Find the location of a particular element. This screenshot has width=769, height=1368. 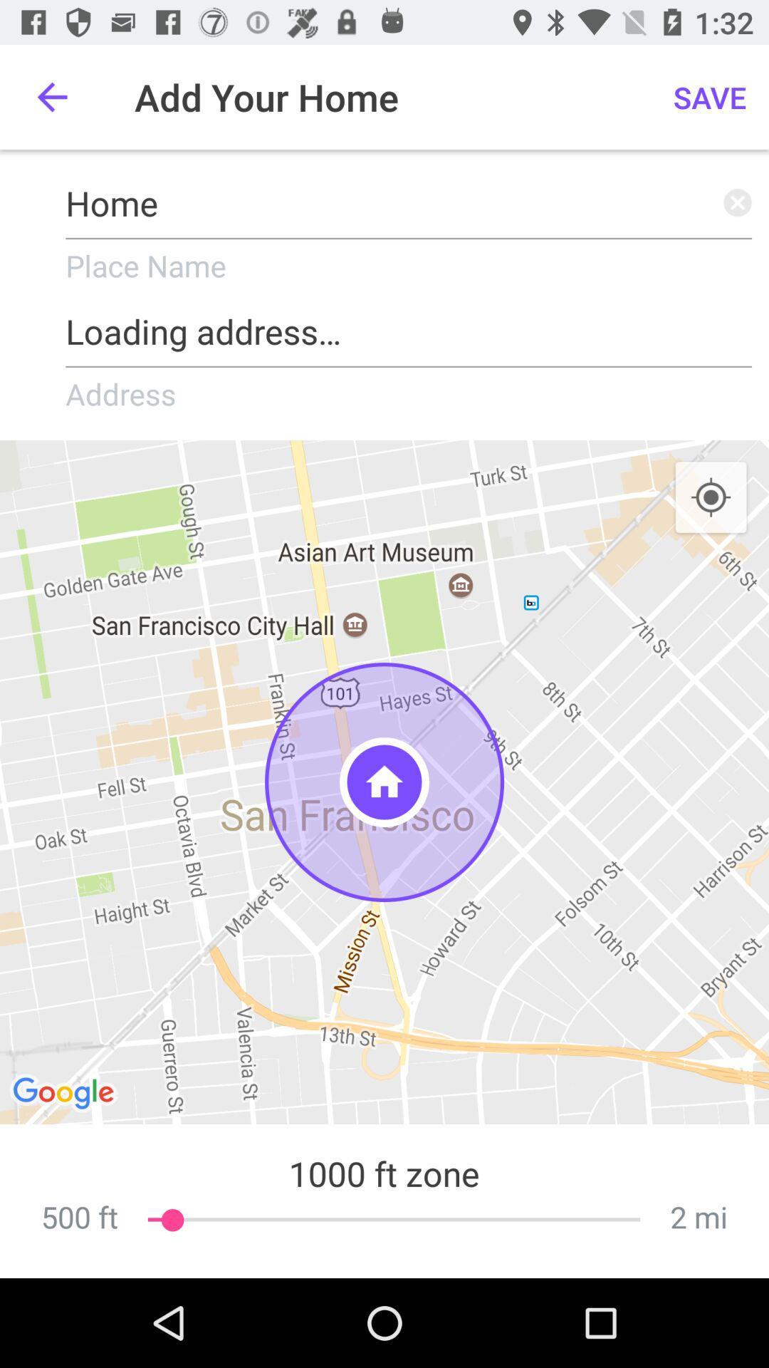

the icon on the right is located at coordinates (711, 498).